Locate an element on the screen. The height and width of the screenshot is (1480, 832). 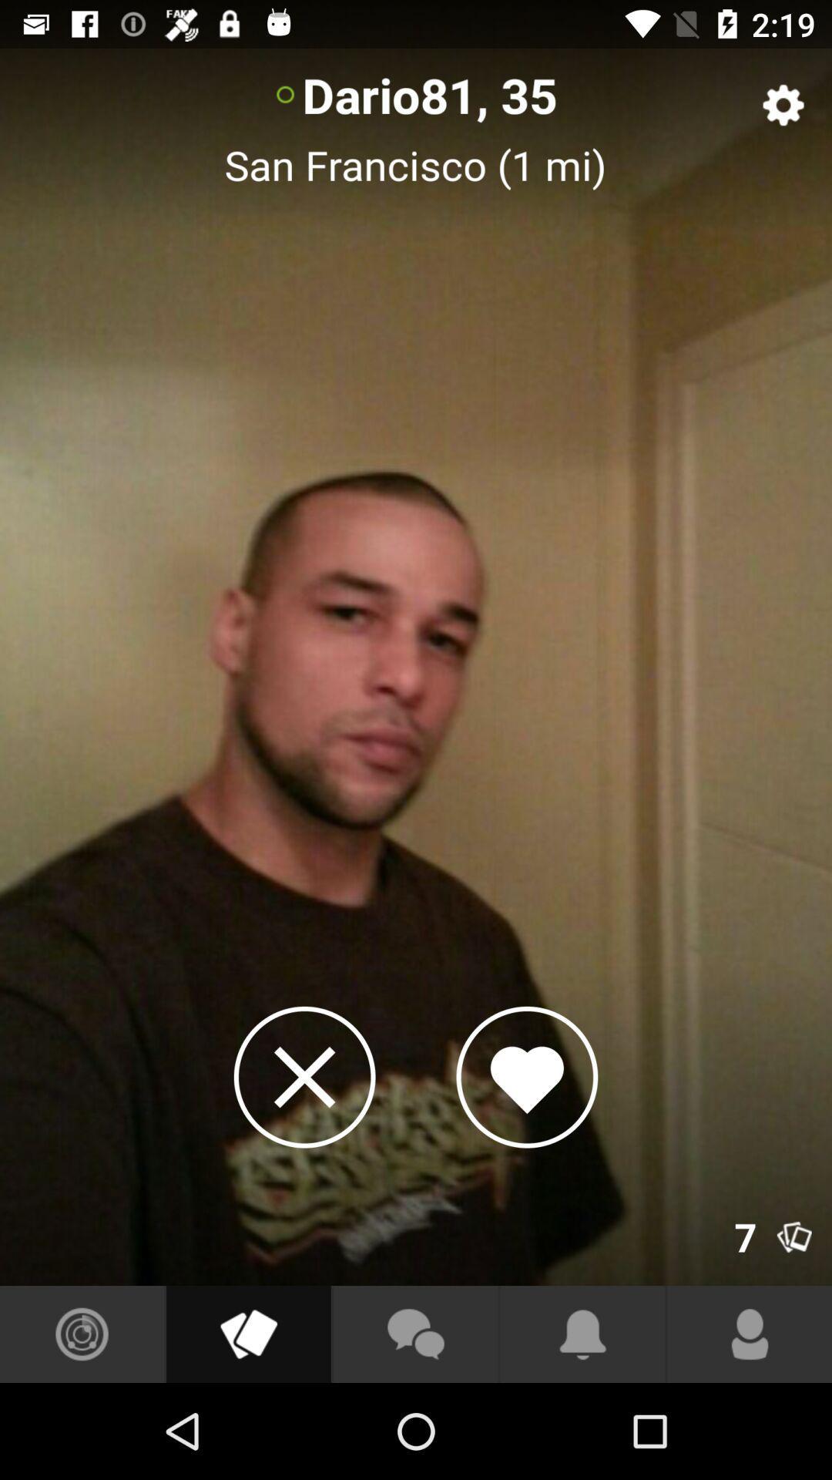
the volume icon is located at coordinates (247, 1334).